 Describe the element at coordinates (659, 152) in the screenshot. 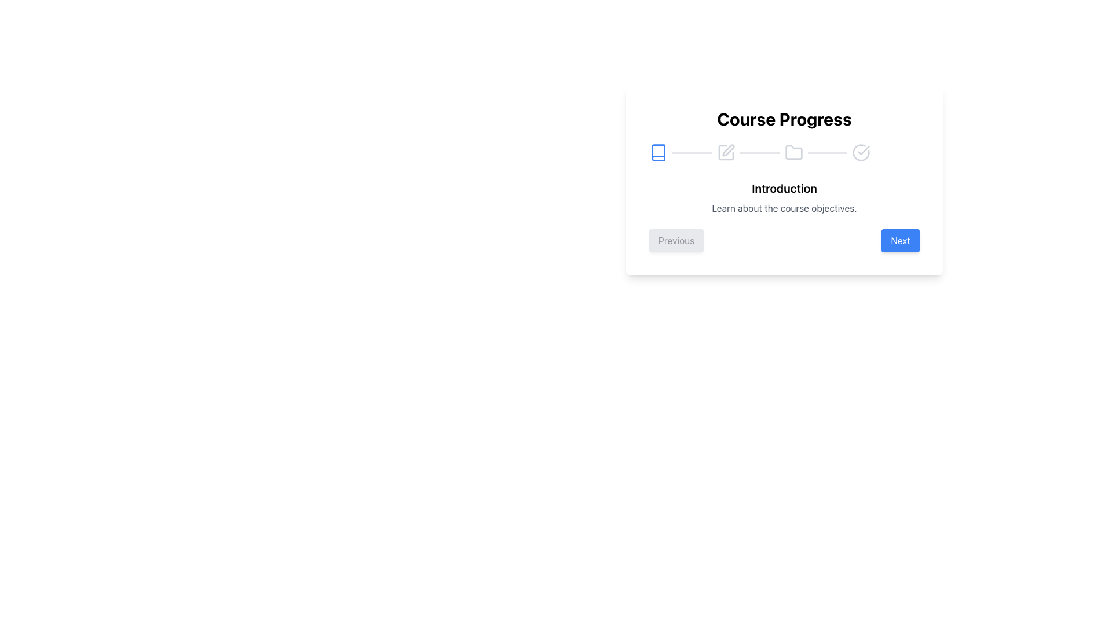

I see `the first stage progress icon located at the far-left side of the progress bar` at that location.